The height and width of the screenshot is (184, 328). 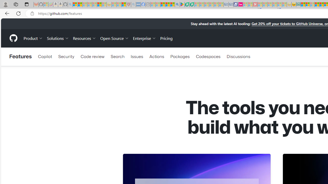 What do you see at coordinates (144, 38) in the screenshot?
I see `'Enterprise'` at bounding box center [144, 38].